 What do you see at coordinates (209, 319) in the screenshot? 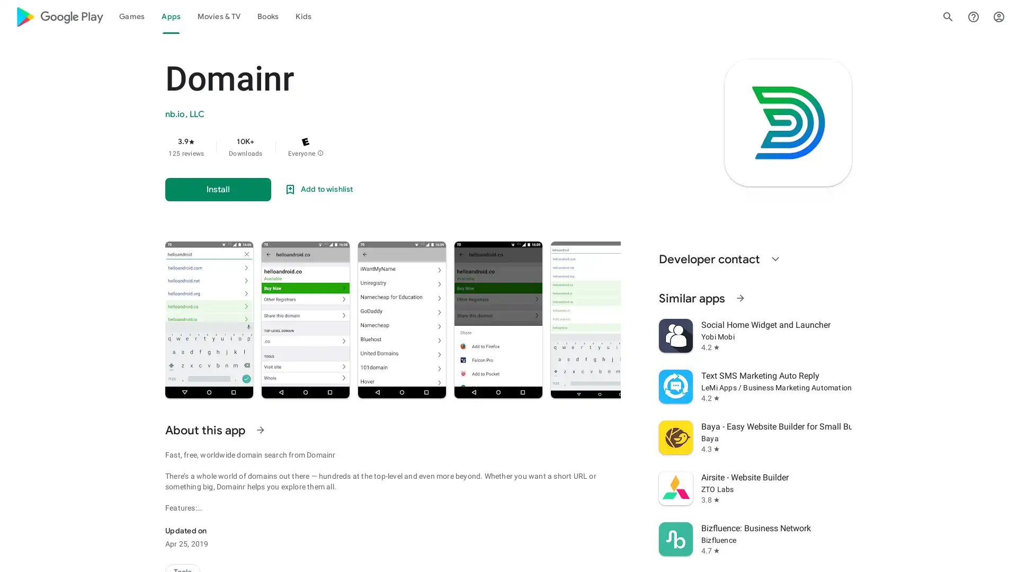
I see `Screenshot image` at bounding box center [209, 319].